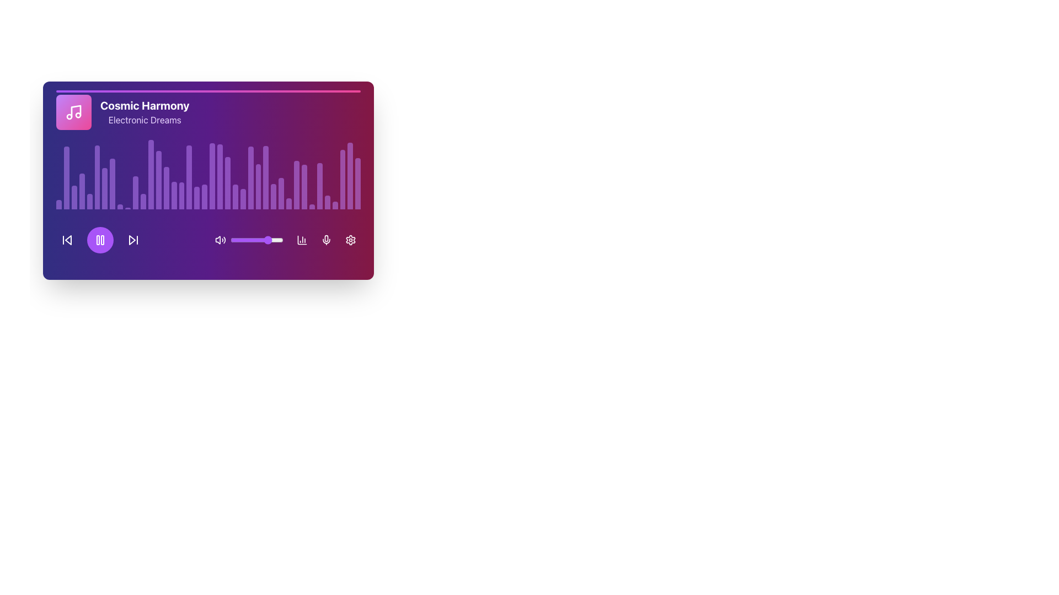 The image size is (1059, 595). I want to click on the white column chart icon on a purple background, the fourth item in the series of icons at the bottom right of the music player interface, so click(302, 239).